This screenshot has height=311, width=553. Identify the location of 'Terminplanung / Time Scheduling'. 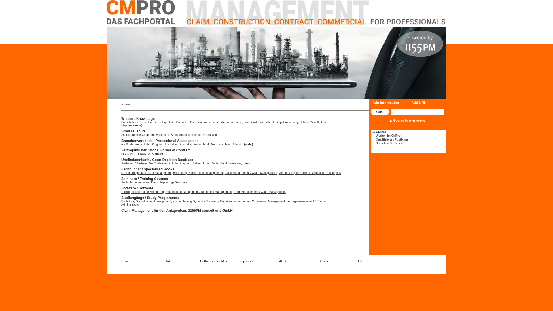
(142, 192).